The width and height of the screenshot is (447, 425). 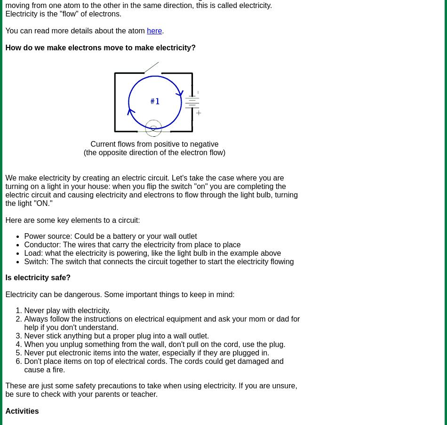 I want to click on '.', so click(x=162, y=31).